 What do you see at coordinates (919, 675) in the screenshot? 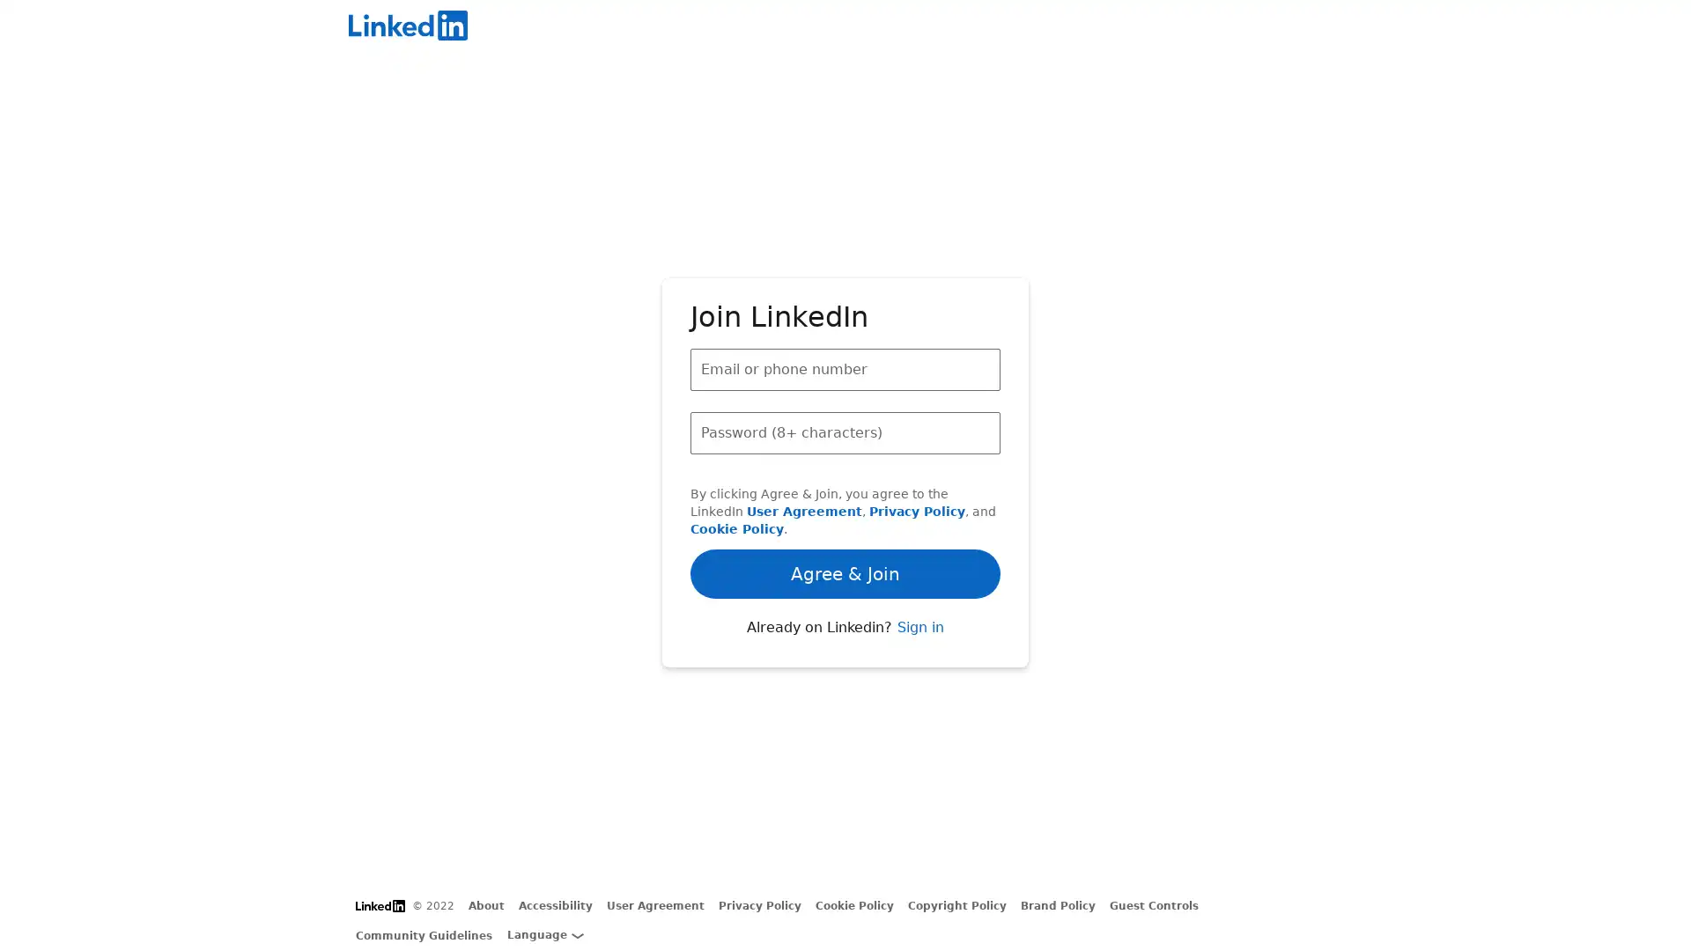
I see `Sign in` at bounding box center [919, 675].